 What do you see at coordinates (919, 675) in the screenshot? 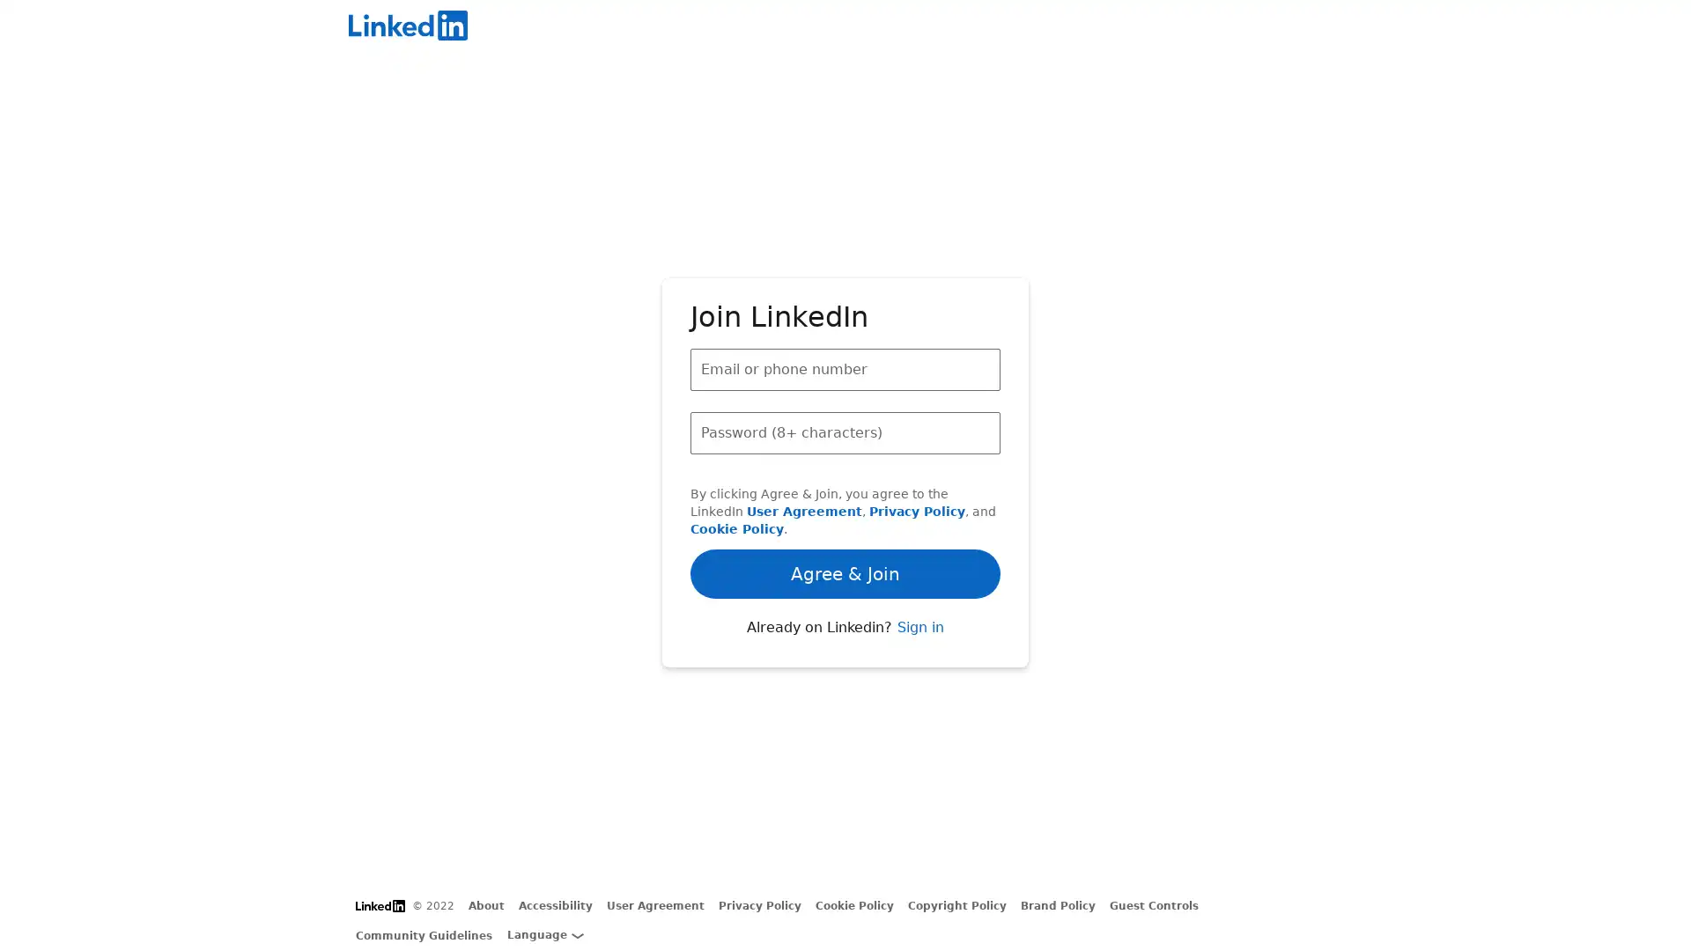
I see `Sign in` at bounding box center [919, 675].